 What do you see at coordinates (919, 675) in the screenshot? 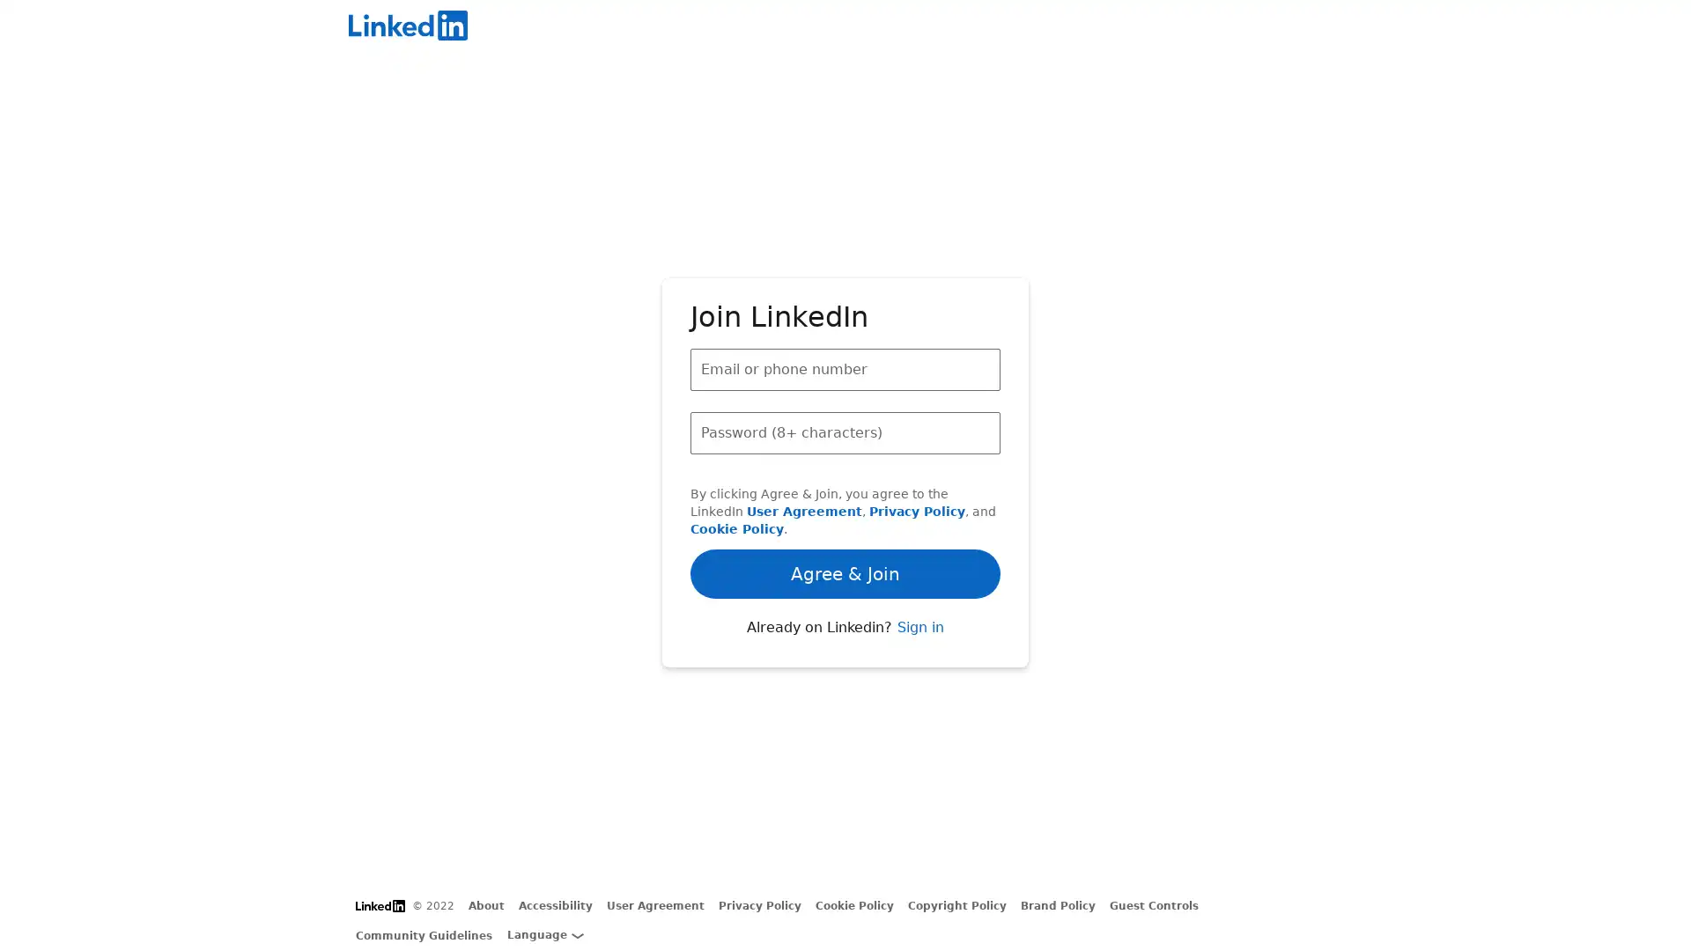
I see `Sign in` at bounding box center [919, 675].